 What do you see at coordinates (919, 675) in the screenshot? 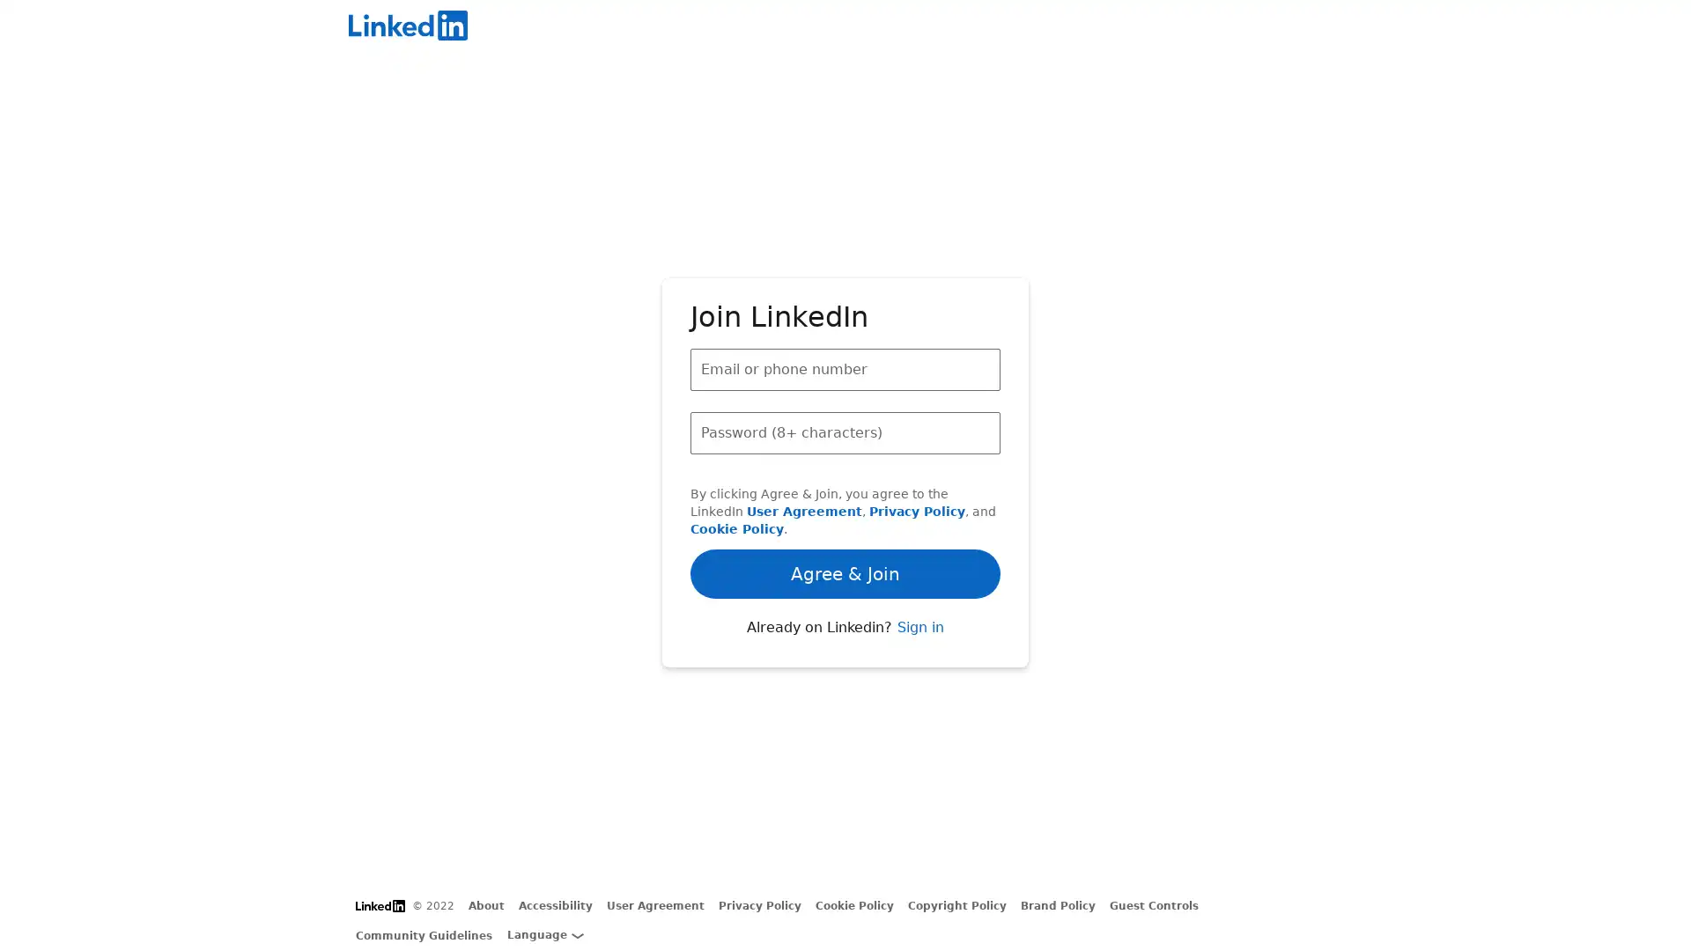
I see `Sign in` at bounding box center [919, 675].